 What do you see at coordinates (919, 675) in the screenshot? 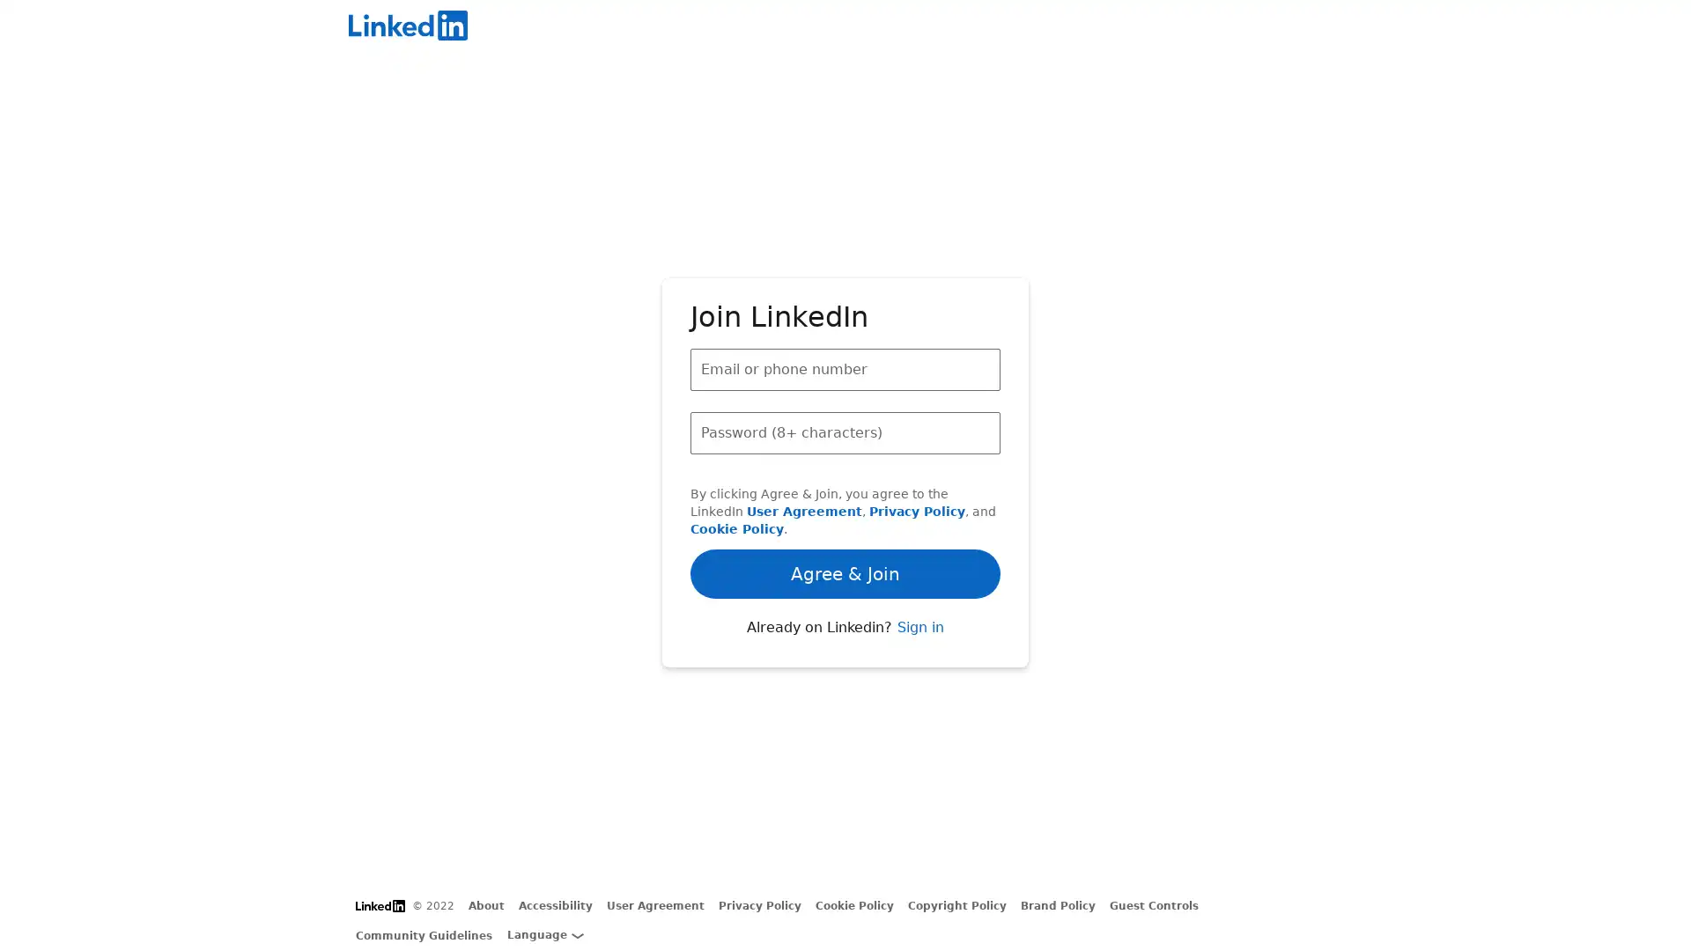
I see `Sign in` at bounding box center [919, 675].